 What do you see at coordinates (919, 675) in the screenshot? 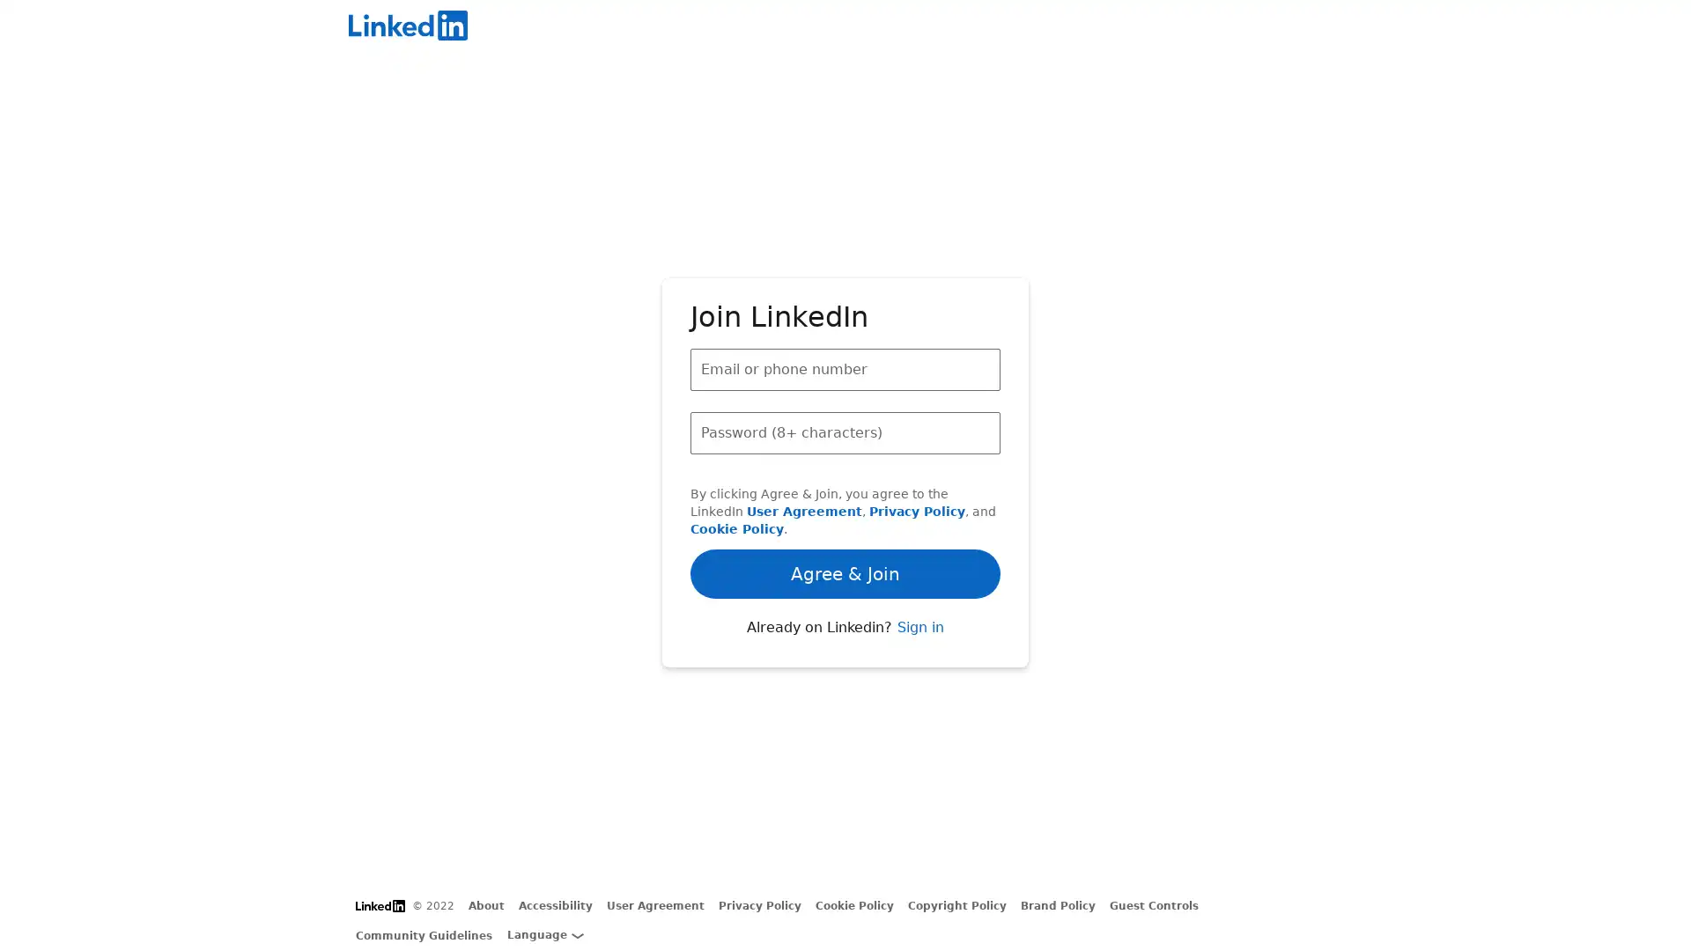
I see `Sign in` at bounding box center [919, 675].